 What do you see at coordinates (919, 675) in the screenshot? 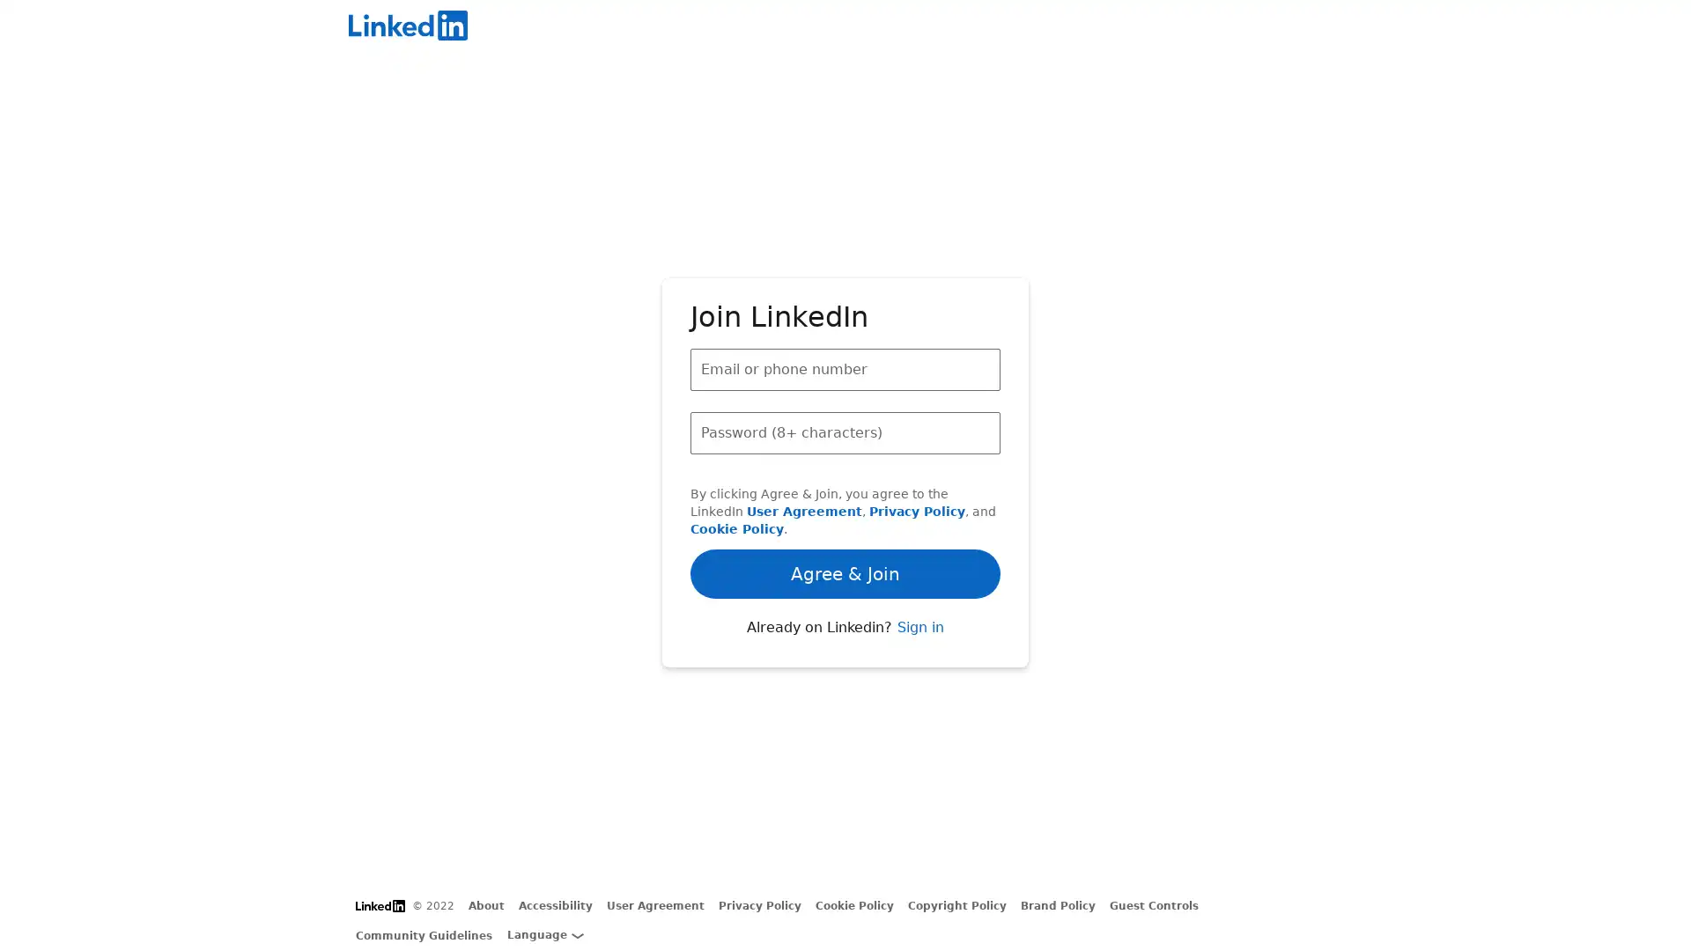
I see `Sign in` at bounding box center [919, 675].